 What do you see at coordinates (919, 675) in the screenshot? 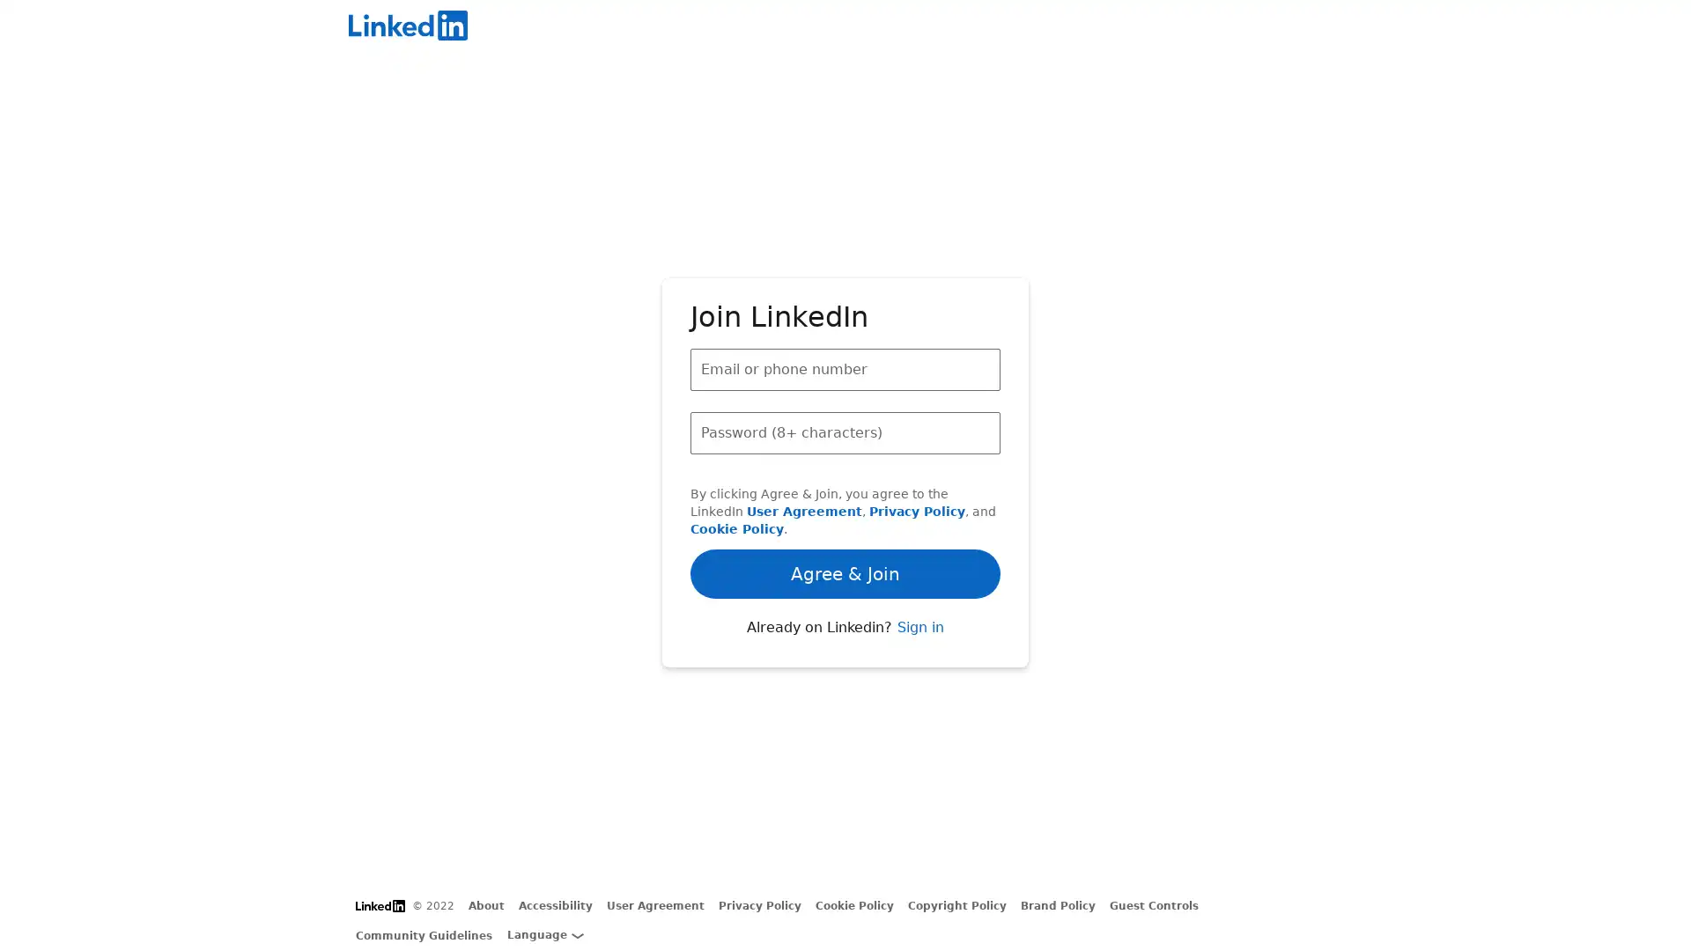
I see `Sign in` at bounding box center [919, 675].